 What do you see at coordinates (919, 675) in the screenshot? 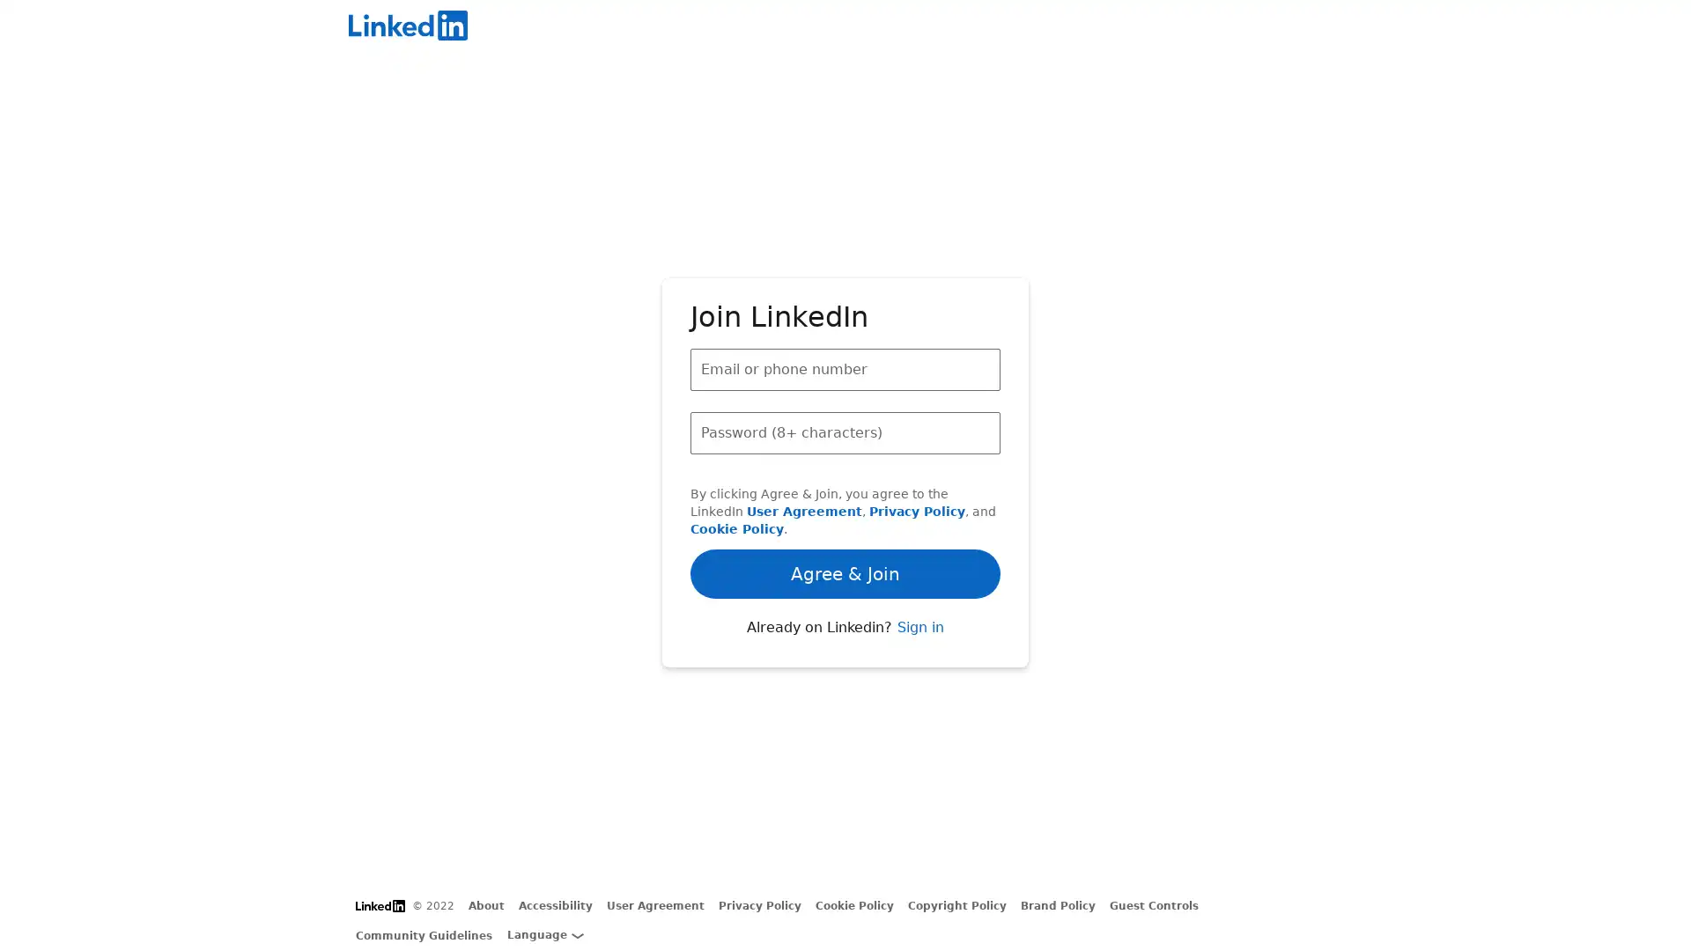
I see `Sign in` at bounding box center [919, 675].